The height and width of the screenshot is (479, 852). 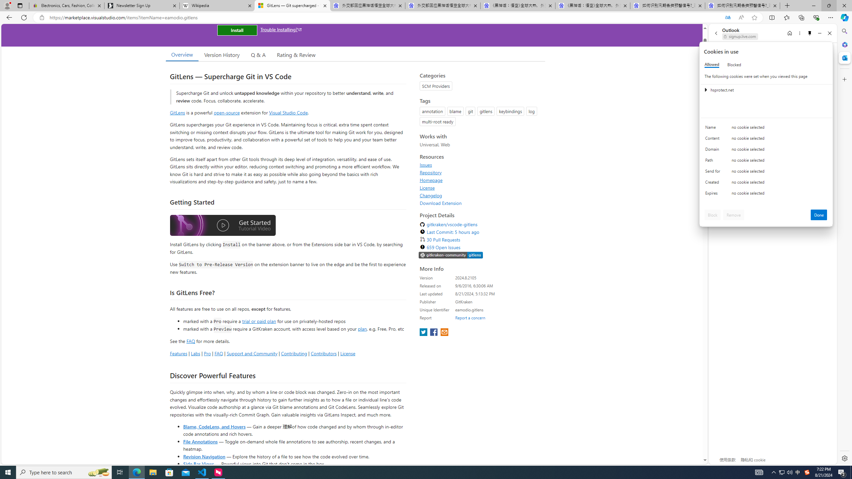 I want to click on 'Class: c0153 c0157', so click(x=766, y=195).